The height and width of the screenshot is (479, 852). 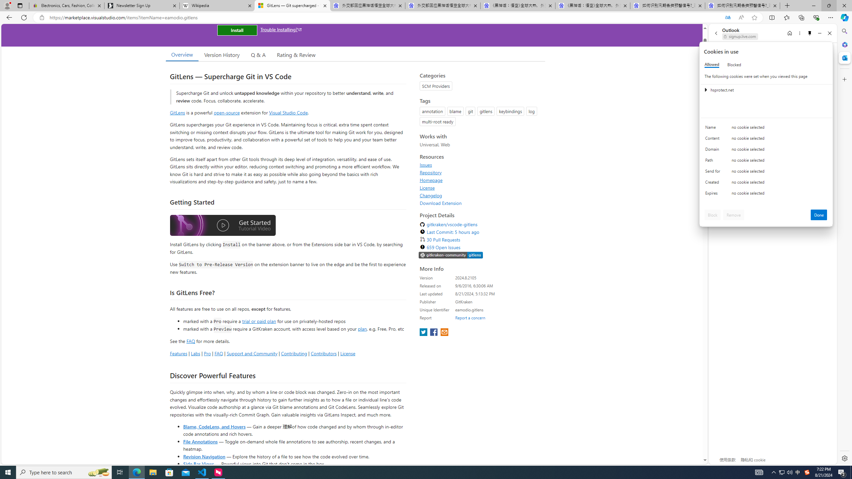 I want to click on 'Class: c0153 c0157', so click(x=766, y=195).